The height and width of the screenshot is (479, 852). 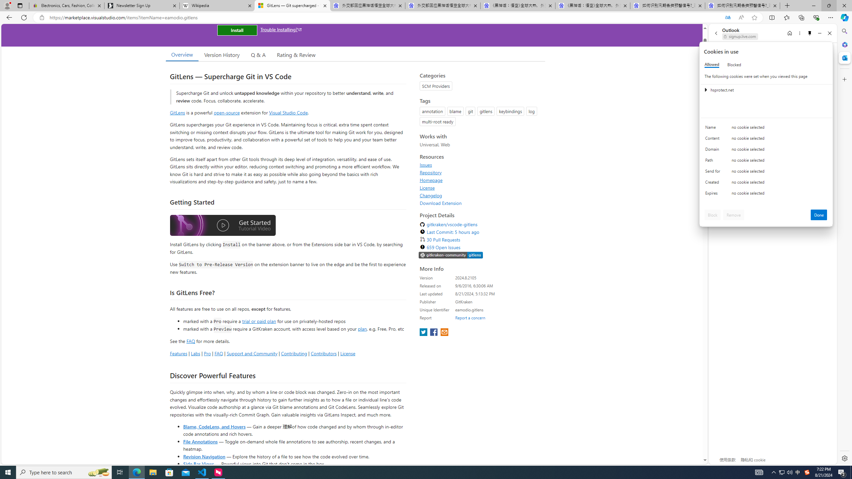 I want to click on 'Class: c0153 c0157', so click(x=766, y=195).